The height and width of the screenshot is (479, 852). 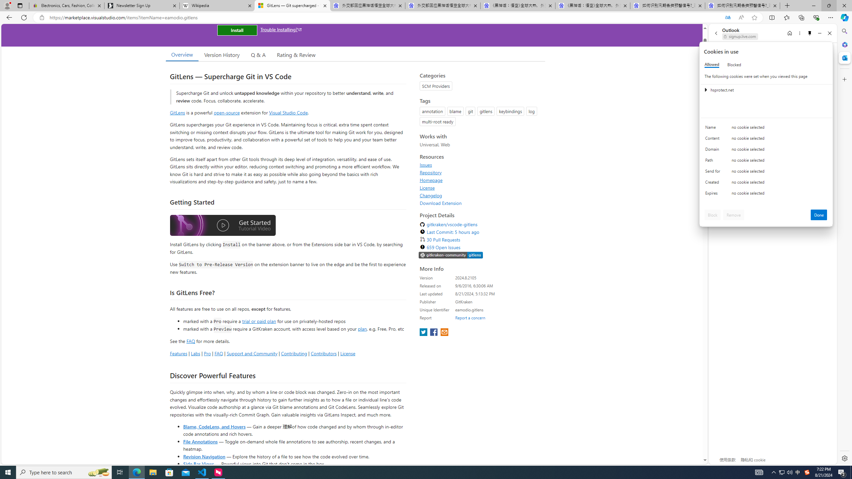 I want to click on 'Class: c0153 c0157', so click(x=766, y=195).